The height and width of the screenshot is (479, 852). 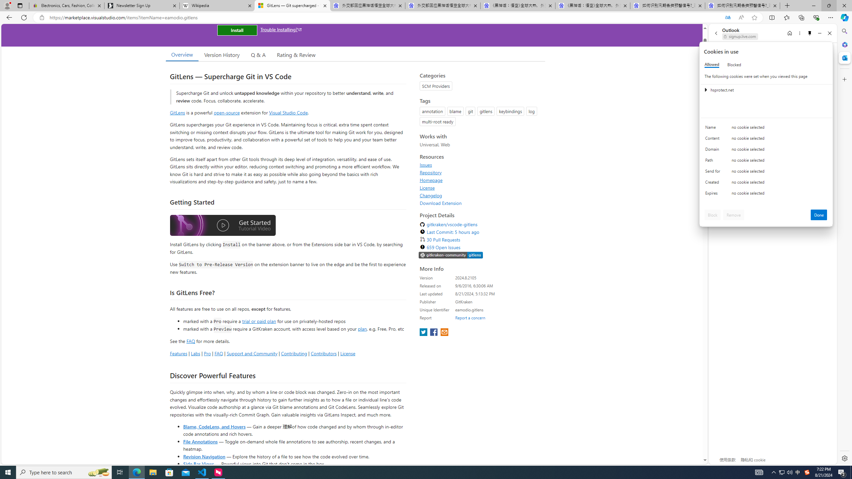 I want to click on 'Class: c0153 c0157', so click(x=766, y=195).